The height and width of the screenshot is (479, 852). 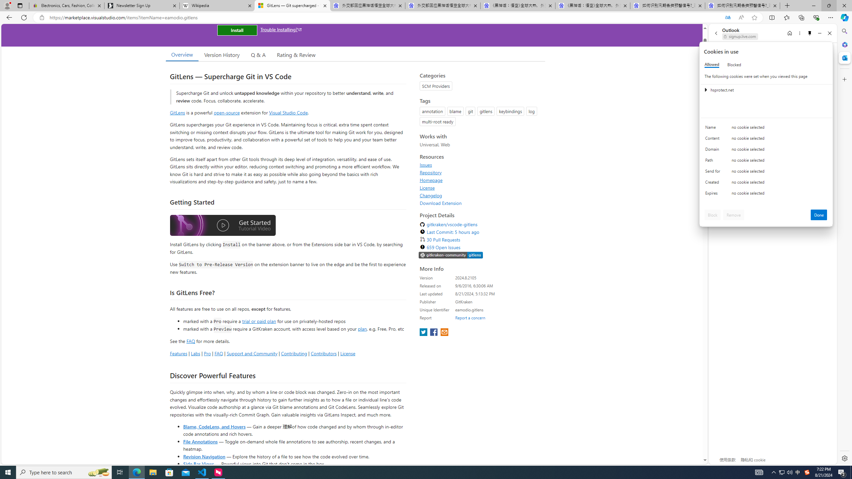 I want to click on 'Class: c0153 c0157', so click(x=766, y=195).